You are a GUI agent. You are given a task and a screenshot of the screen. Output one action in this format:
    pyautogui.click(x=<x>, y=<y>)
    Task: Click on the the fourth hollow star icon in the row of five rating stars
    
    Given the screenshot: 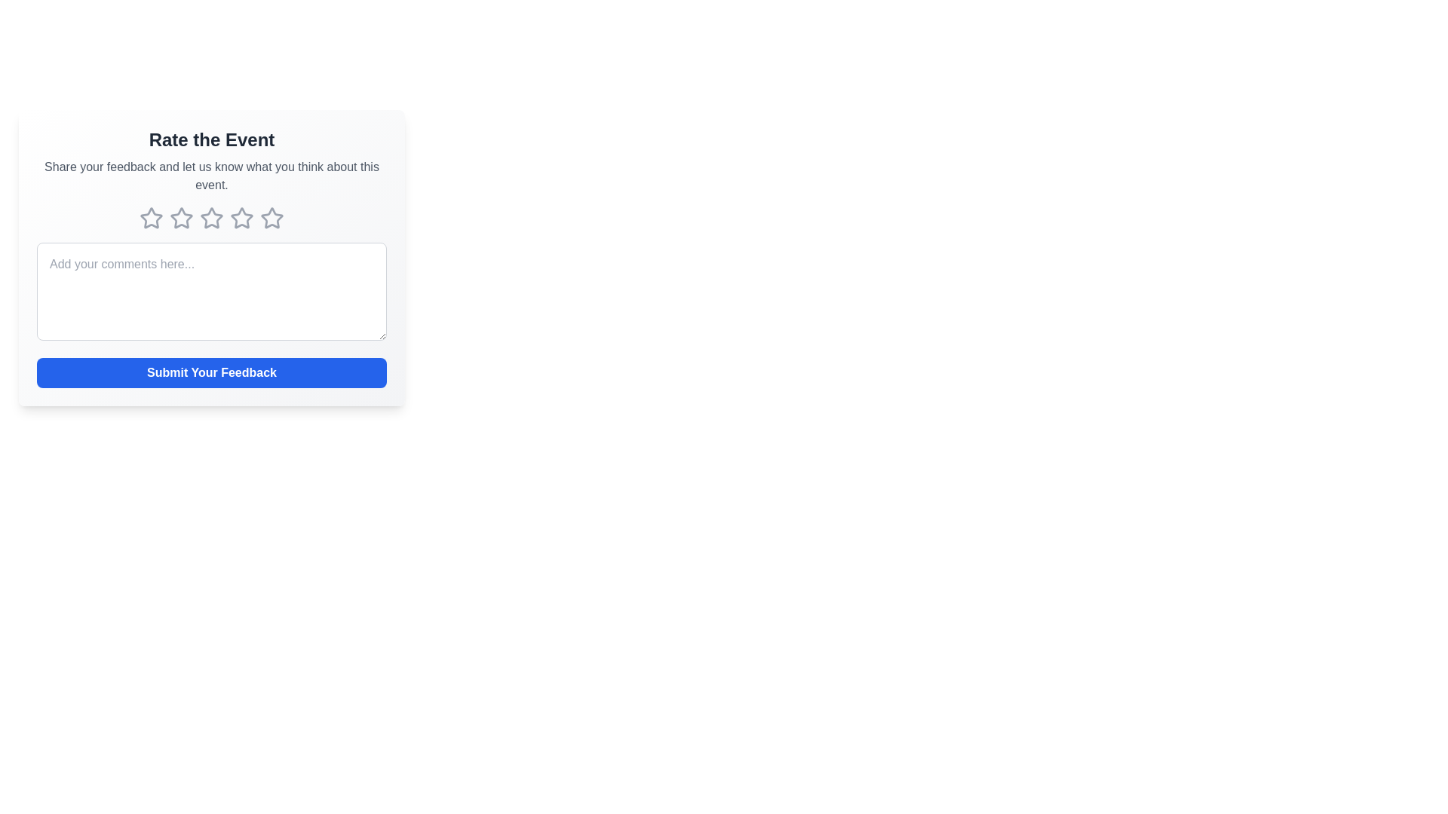 What is the action you would take?
    pyautogui.click(x=242, y=218)
    